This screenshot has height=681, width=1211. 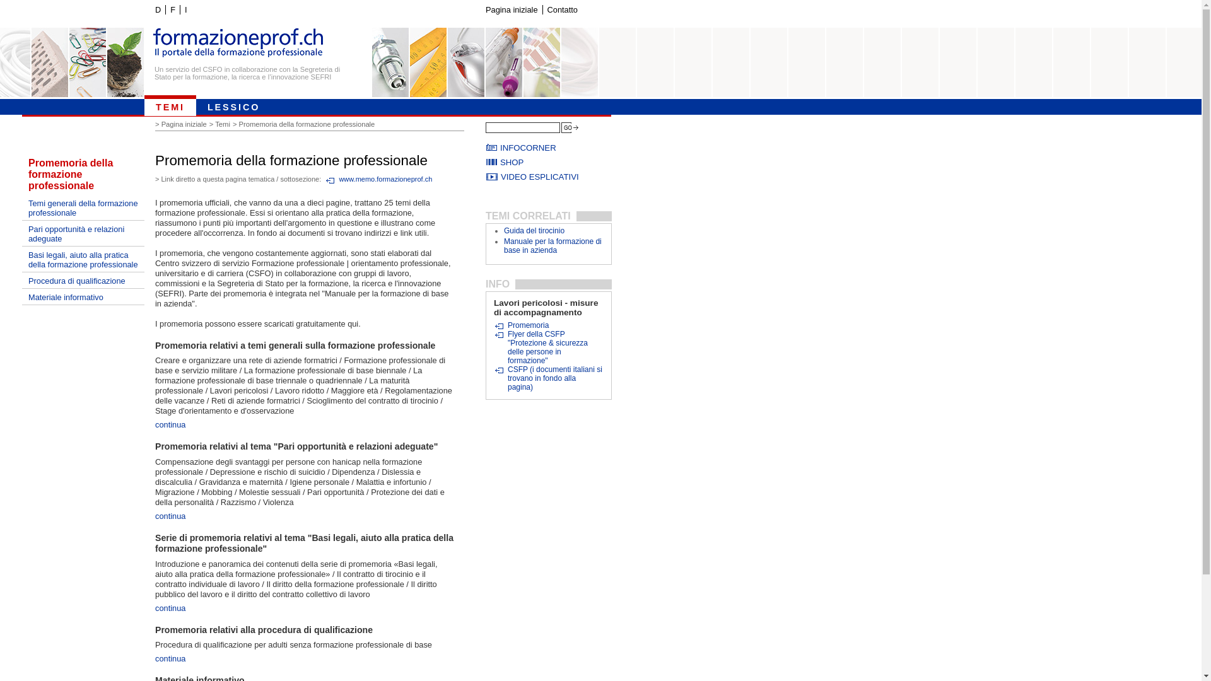 I want to click on 'Promemoria', so click(x=521, y=325).